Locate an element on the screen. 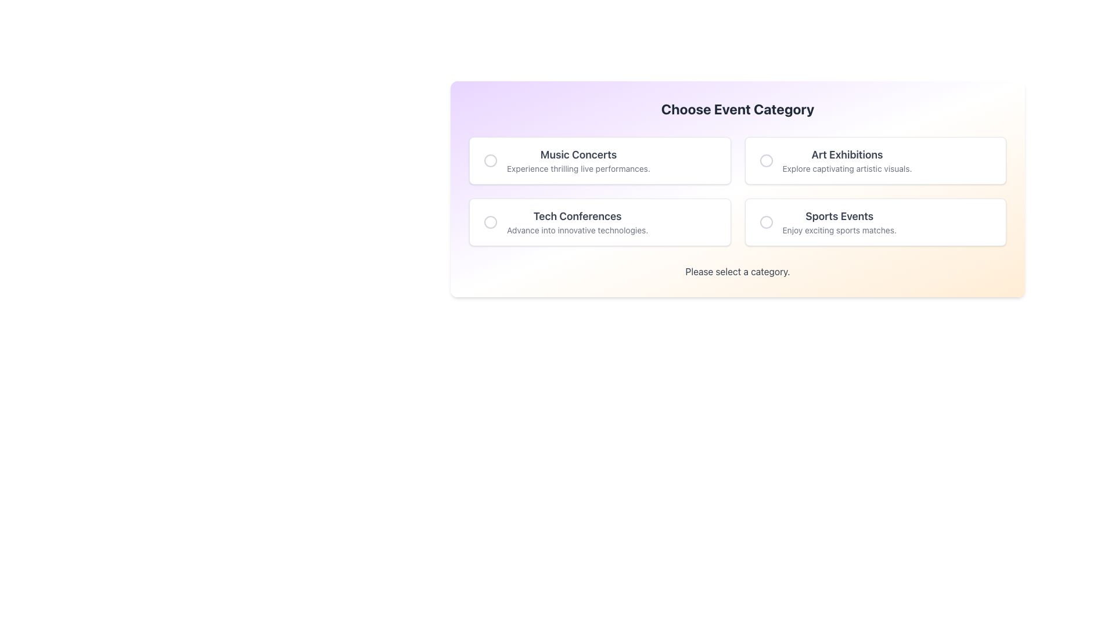 Image resolution: width=1115 pixels, height=627 pixels. static text displaying the category name 'Sports Events', located in the fourth option of the grid layout is located at coordinates (839, 217).